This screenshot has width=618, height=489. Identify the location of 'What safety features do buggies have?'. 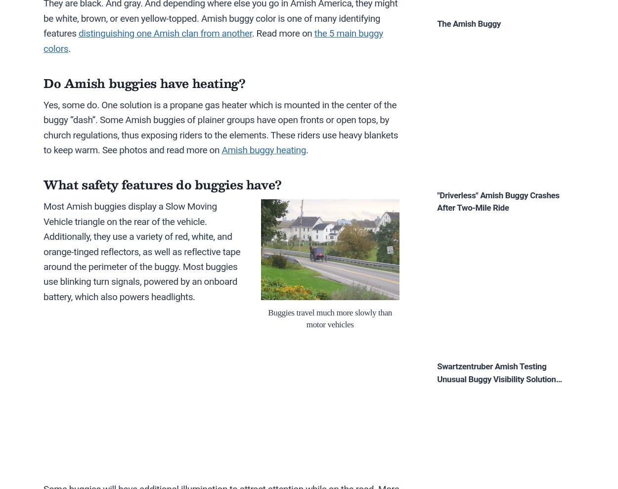
(162, 183).